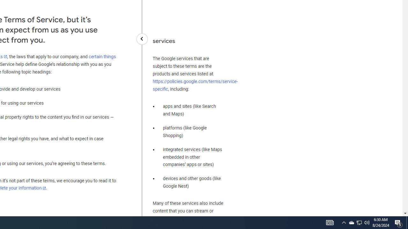 The width and height of the screenshot is (408, 229). I want to click on 'https://policies.google.com/terms/service-specific', so click(195, 85).